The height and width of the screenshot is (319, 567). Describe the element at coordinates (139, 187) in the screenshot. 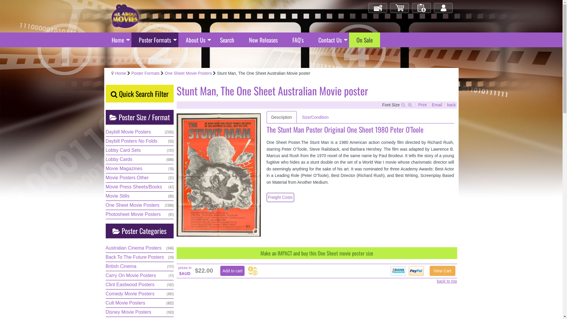

I see `'Movie Press Sheets/Books` at that location.